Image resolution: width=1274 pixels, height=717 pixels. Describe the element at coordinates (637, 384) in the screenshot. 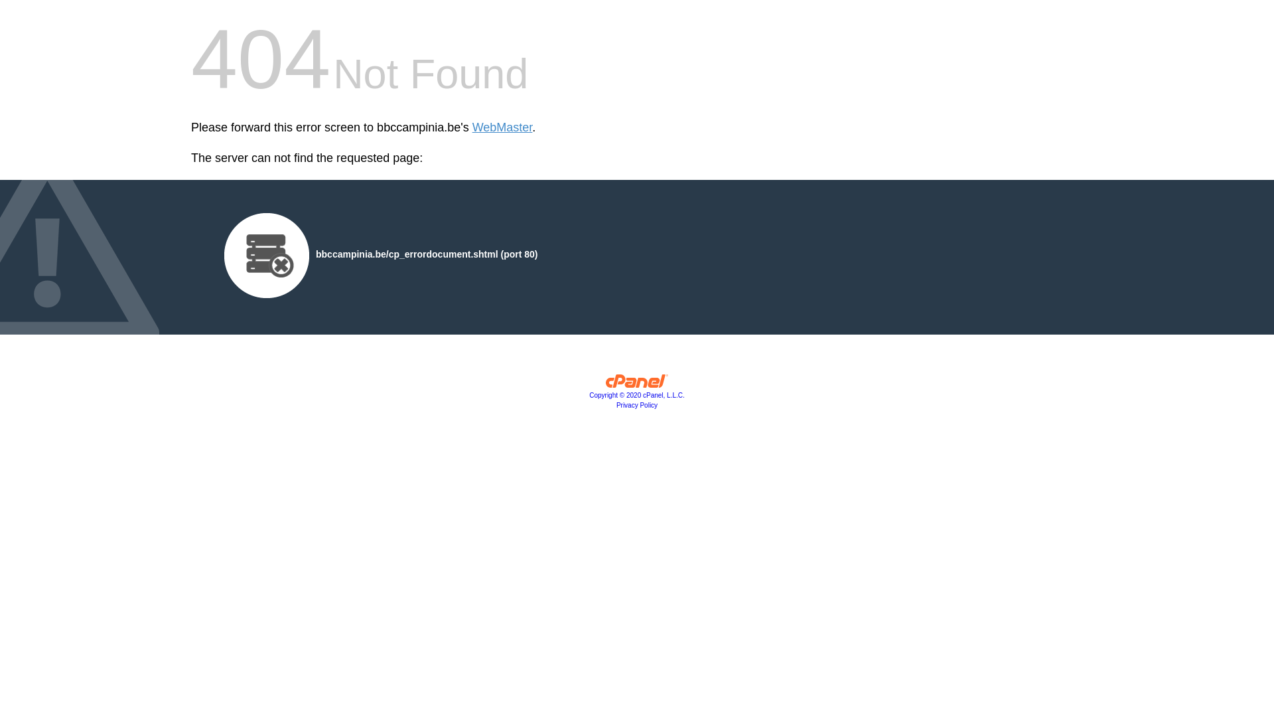

I see `'cPanel, Inc.'` at that location.